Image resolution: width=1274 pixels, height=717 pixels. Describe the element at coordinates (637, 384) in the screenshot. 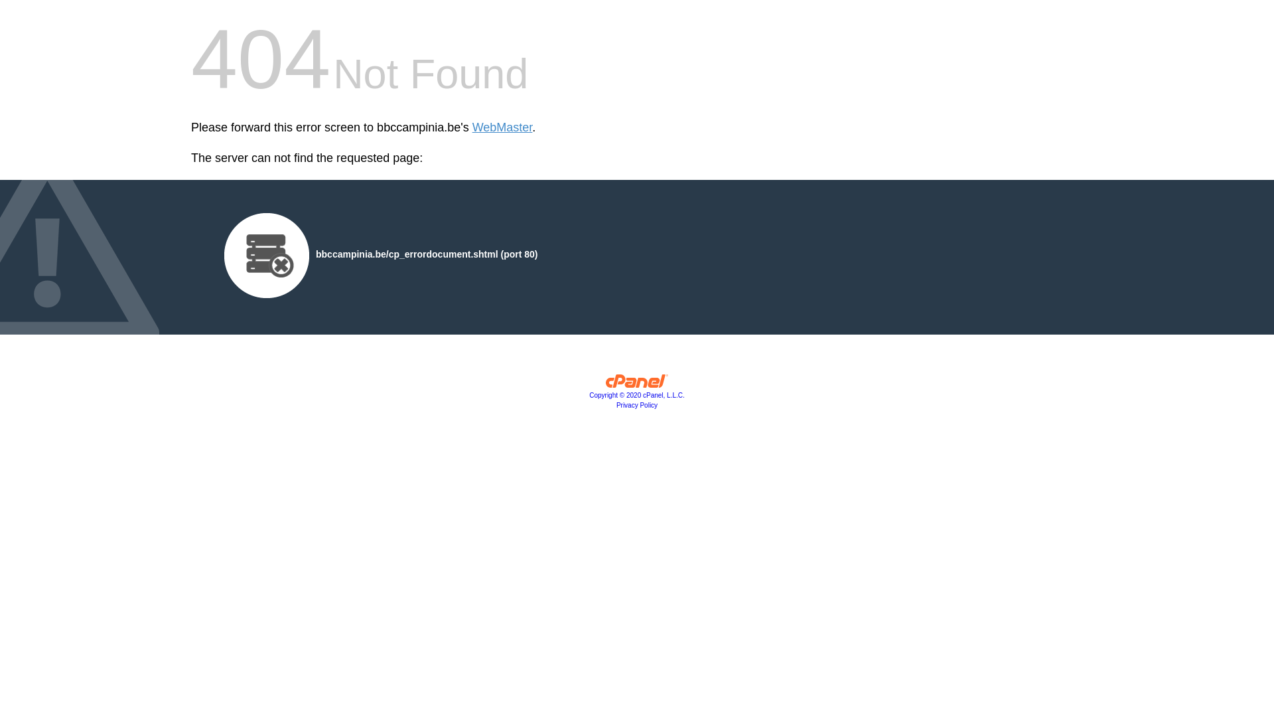

I see `'cPanel, Inc.'` at that location.